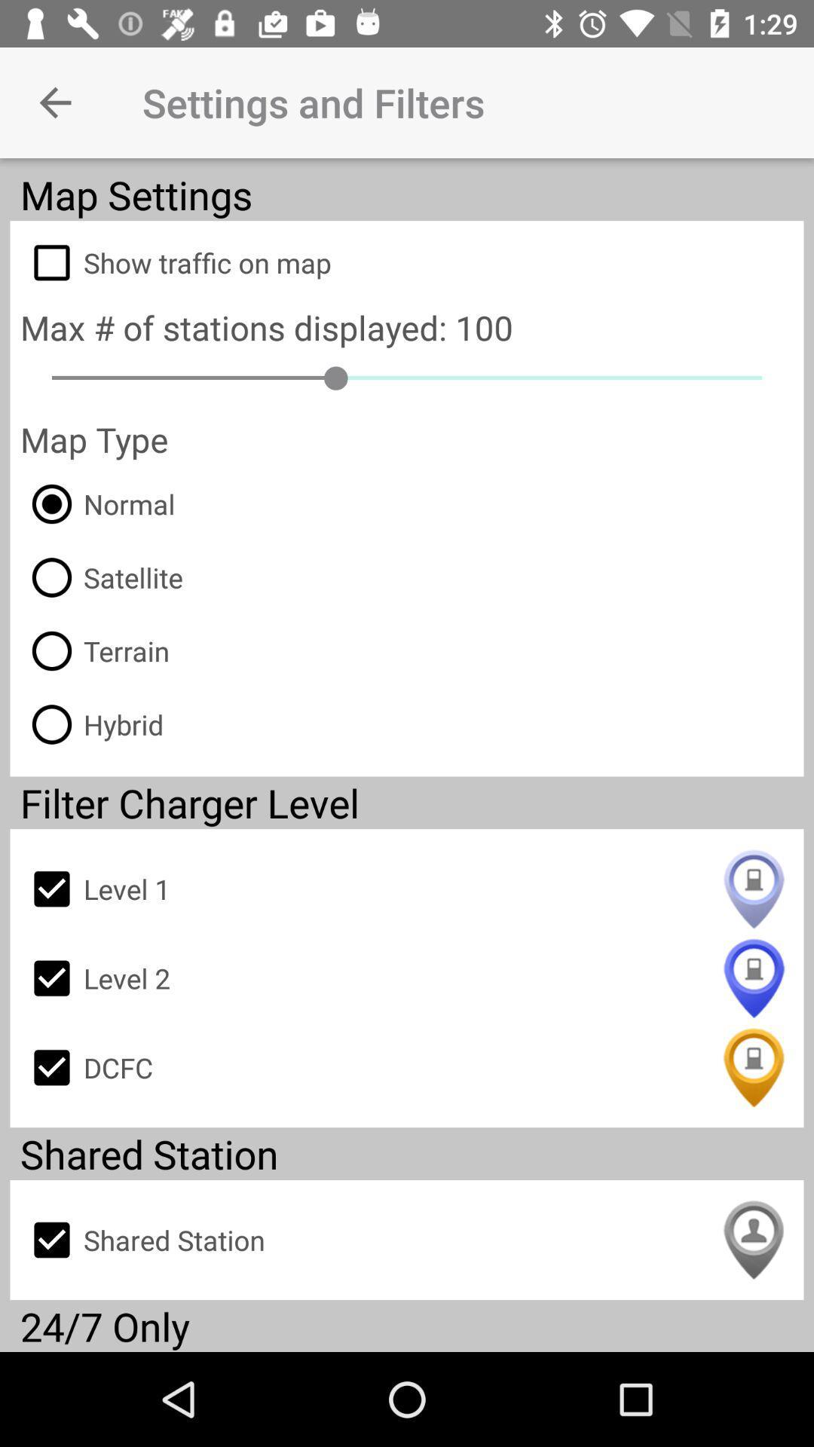 Image resolution: width=814 pixels, height=1447 pixels. Describe the element at coordinates (407, 1066) in the screenshot. I see `icon below level 2` at that location.